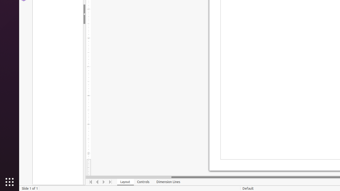 The width and height of the screenshot is (340, 191). I want to click on 'Move Left', so click(97, 182).